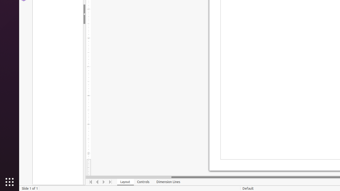 The width and height of the screenshot is (340, 191). I want to click on 'Move Left', so click(97, 182).